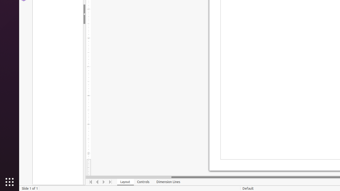 The width and height of the screenshot is (340, 191). I want to click on 'Move Left', so click(97, 182).